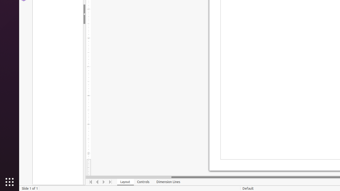 The width and height of the screenshot is (340, 191). I want to click on 'Move Left', so click(97, 182).